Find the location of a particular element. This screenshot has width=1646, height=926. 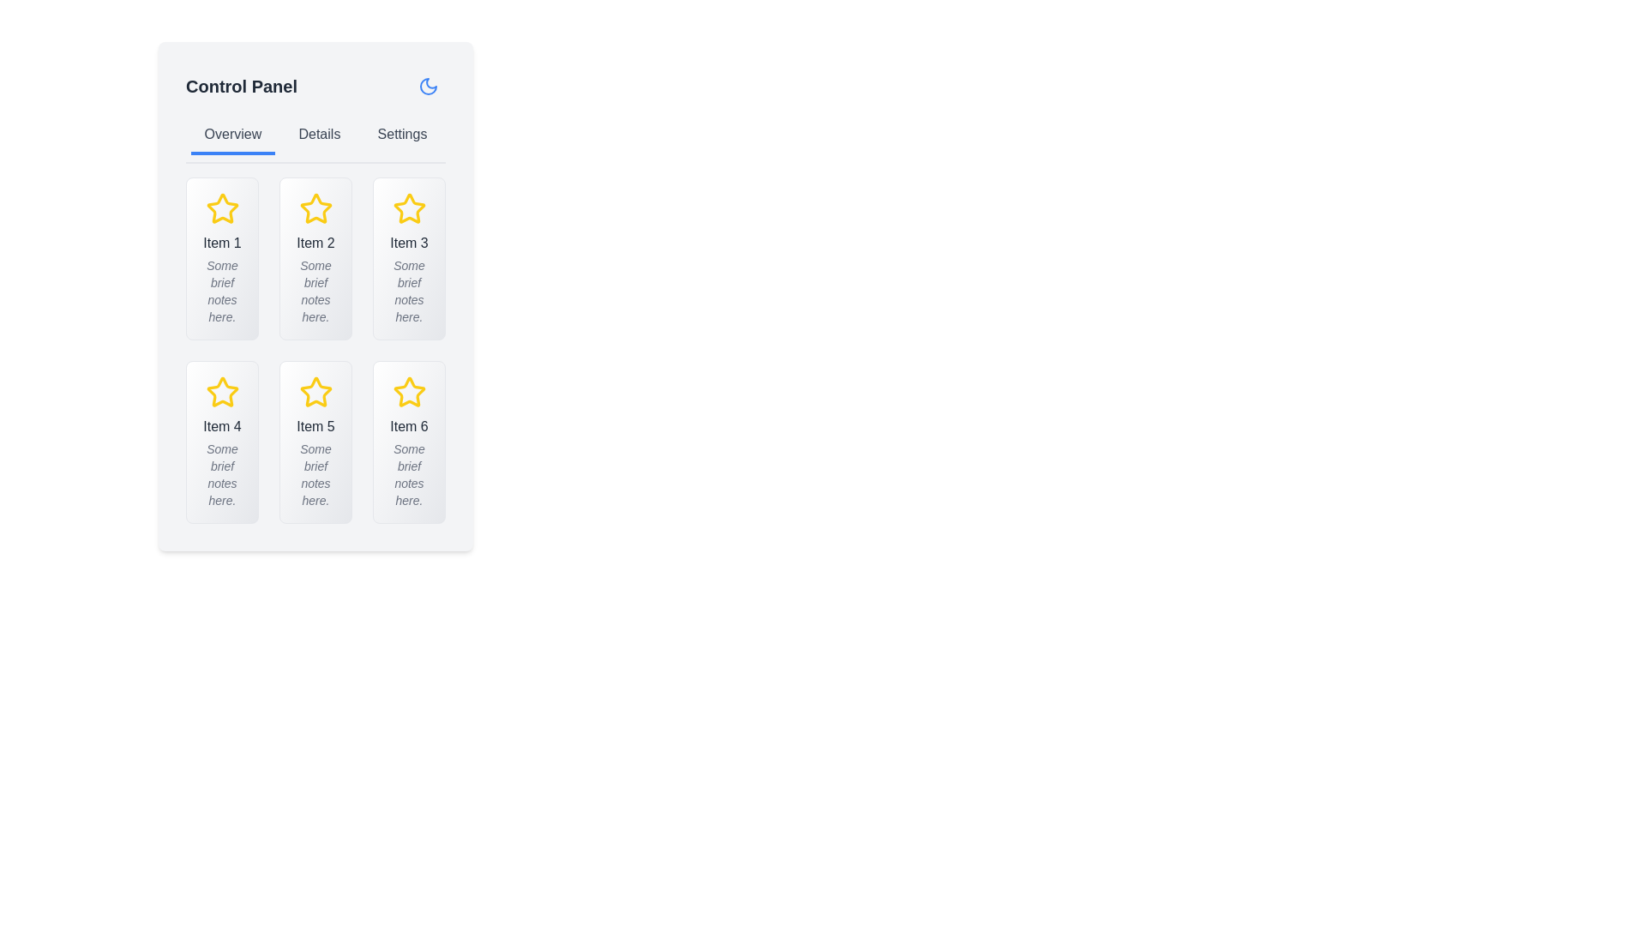

the Text Label located in the second row and second column of the grid layout, which is associated with a yellow star icon above and a note description below is located at coordinates (315, 425).